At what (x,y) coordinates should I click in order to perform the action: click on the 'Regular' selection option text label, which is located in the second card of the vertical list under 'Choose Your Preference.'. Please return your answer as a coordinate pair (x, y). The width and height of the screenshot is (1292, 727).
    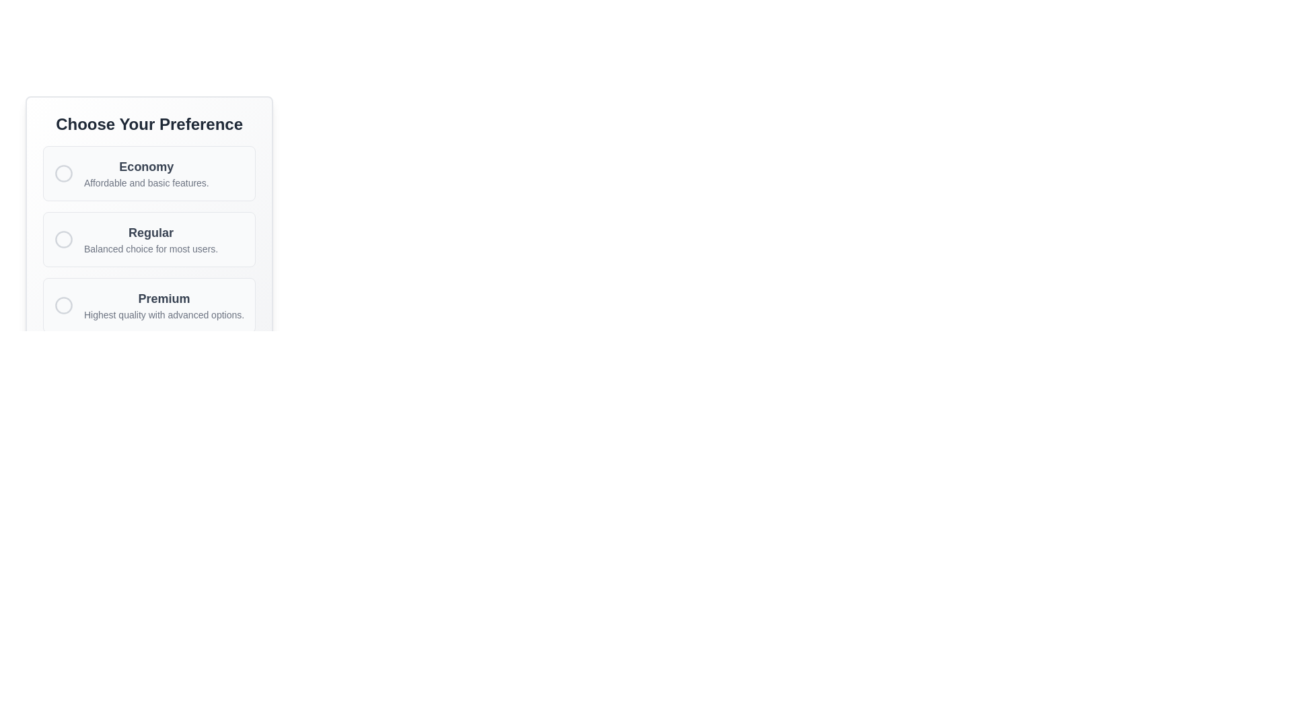
    Looking at the image, I should click on (151, 232).